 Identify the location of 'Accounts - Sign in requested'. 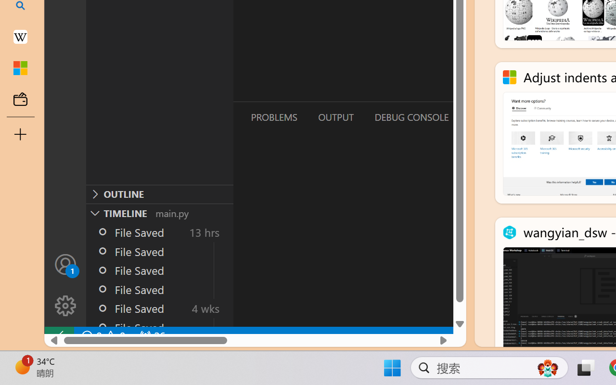
(64, 264).